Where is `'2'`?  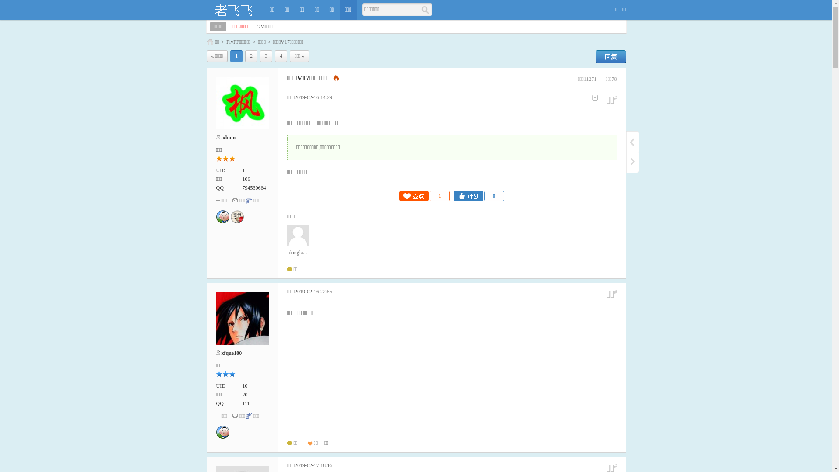 '2' is located at coordinates (251, 56).